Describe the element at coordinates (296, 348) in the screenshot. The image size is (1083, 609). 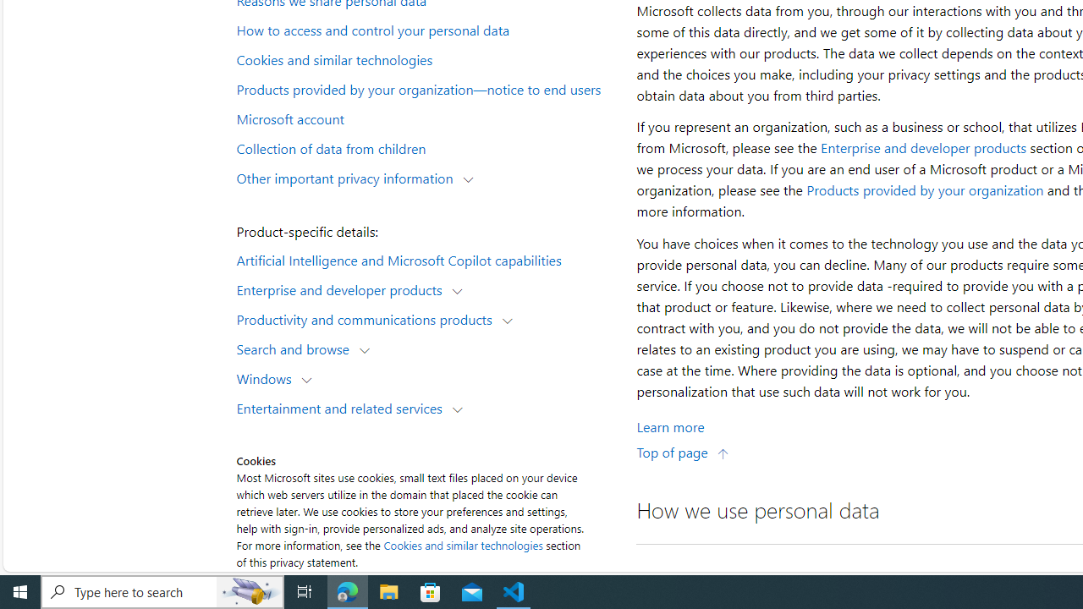
I see `'Search and browse'` at that location.